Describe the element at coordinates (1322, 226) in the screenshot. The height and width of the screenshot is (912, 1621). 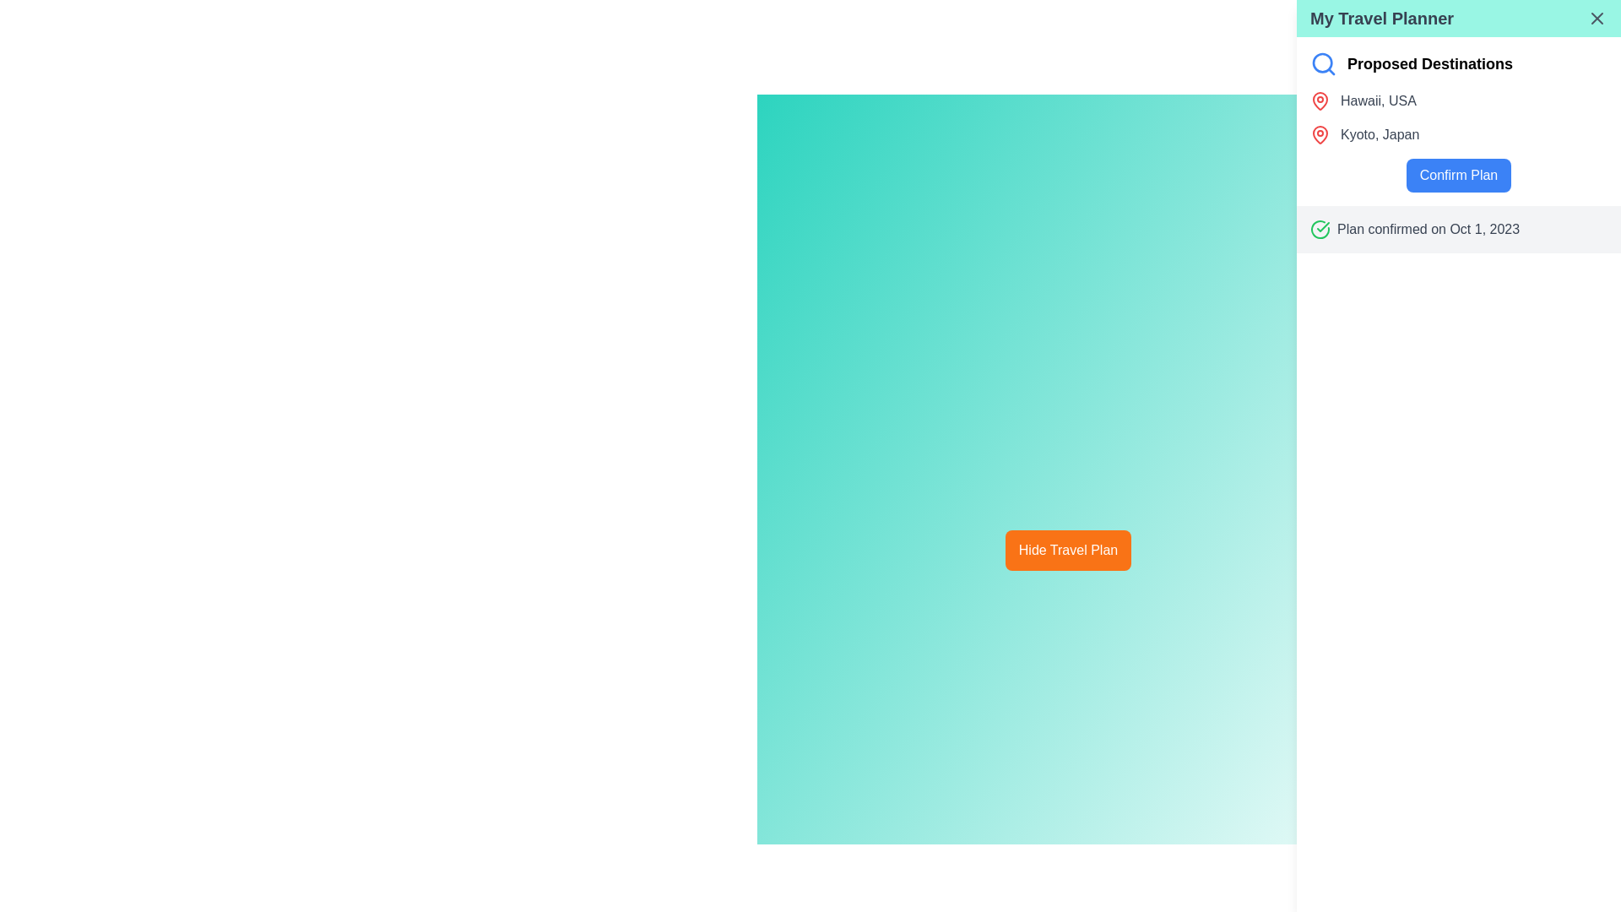
I see `the check mark icon within the SVG graphic, which serves as a confirmation symbol located at the bottom-right of the circle` at that location.